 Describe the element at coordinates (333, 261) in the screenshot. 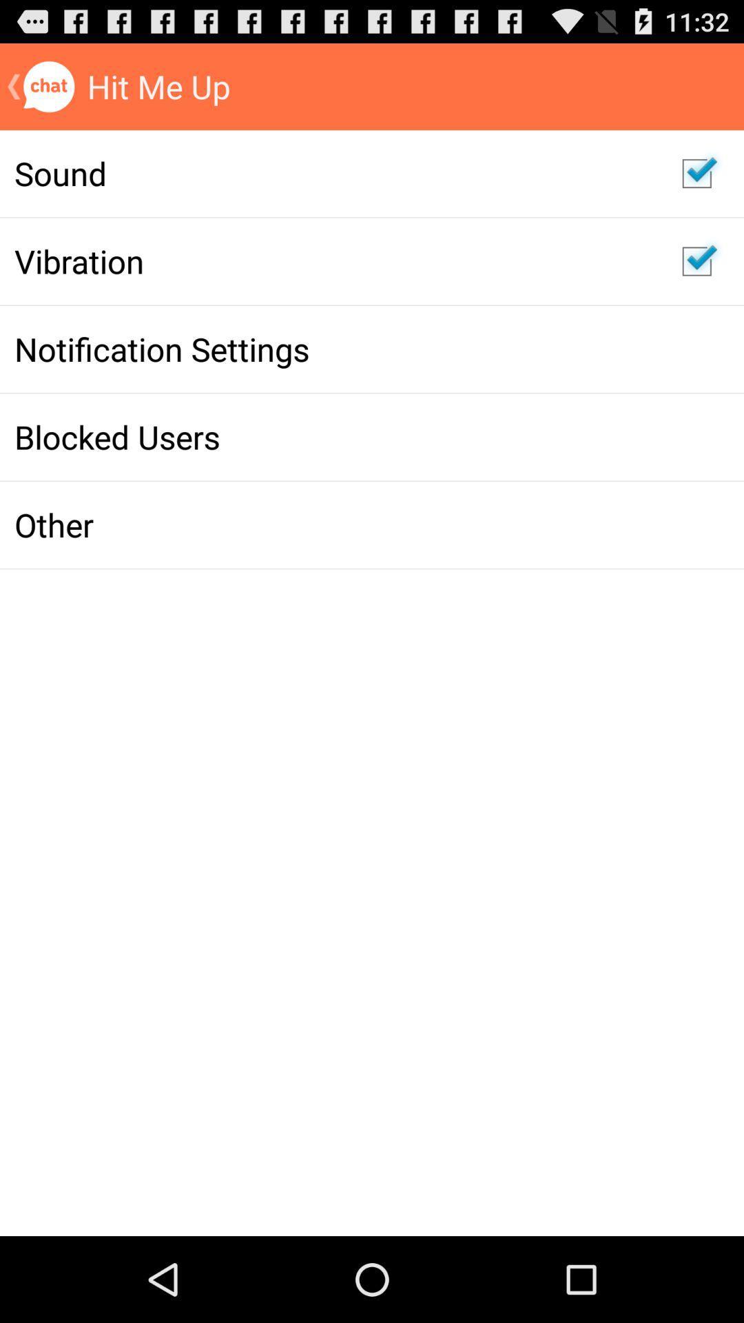

I see `vibration icon` at that location.